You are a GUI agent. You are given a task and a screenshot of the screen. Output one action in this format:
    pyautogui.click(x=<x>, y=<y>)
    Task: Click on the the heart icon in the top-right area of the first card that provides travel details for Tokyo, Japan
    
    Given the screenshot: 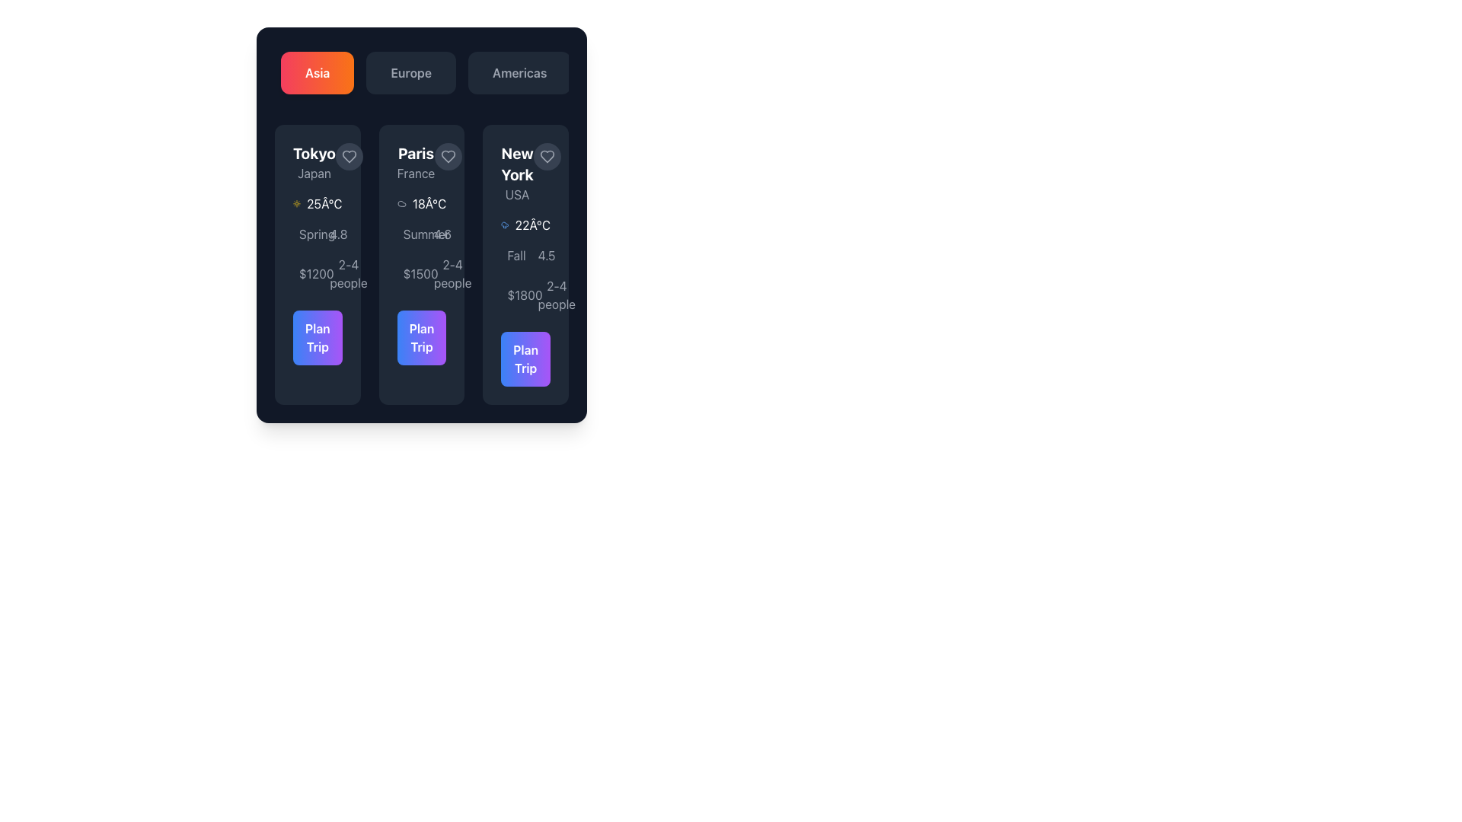 What is the action you would take?
    pyautogui.click(x=349, y=156)
    